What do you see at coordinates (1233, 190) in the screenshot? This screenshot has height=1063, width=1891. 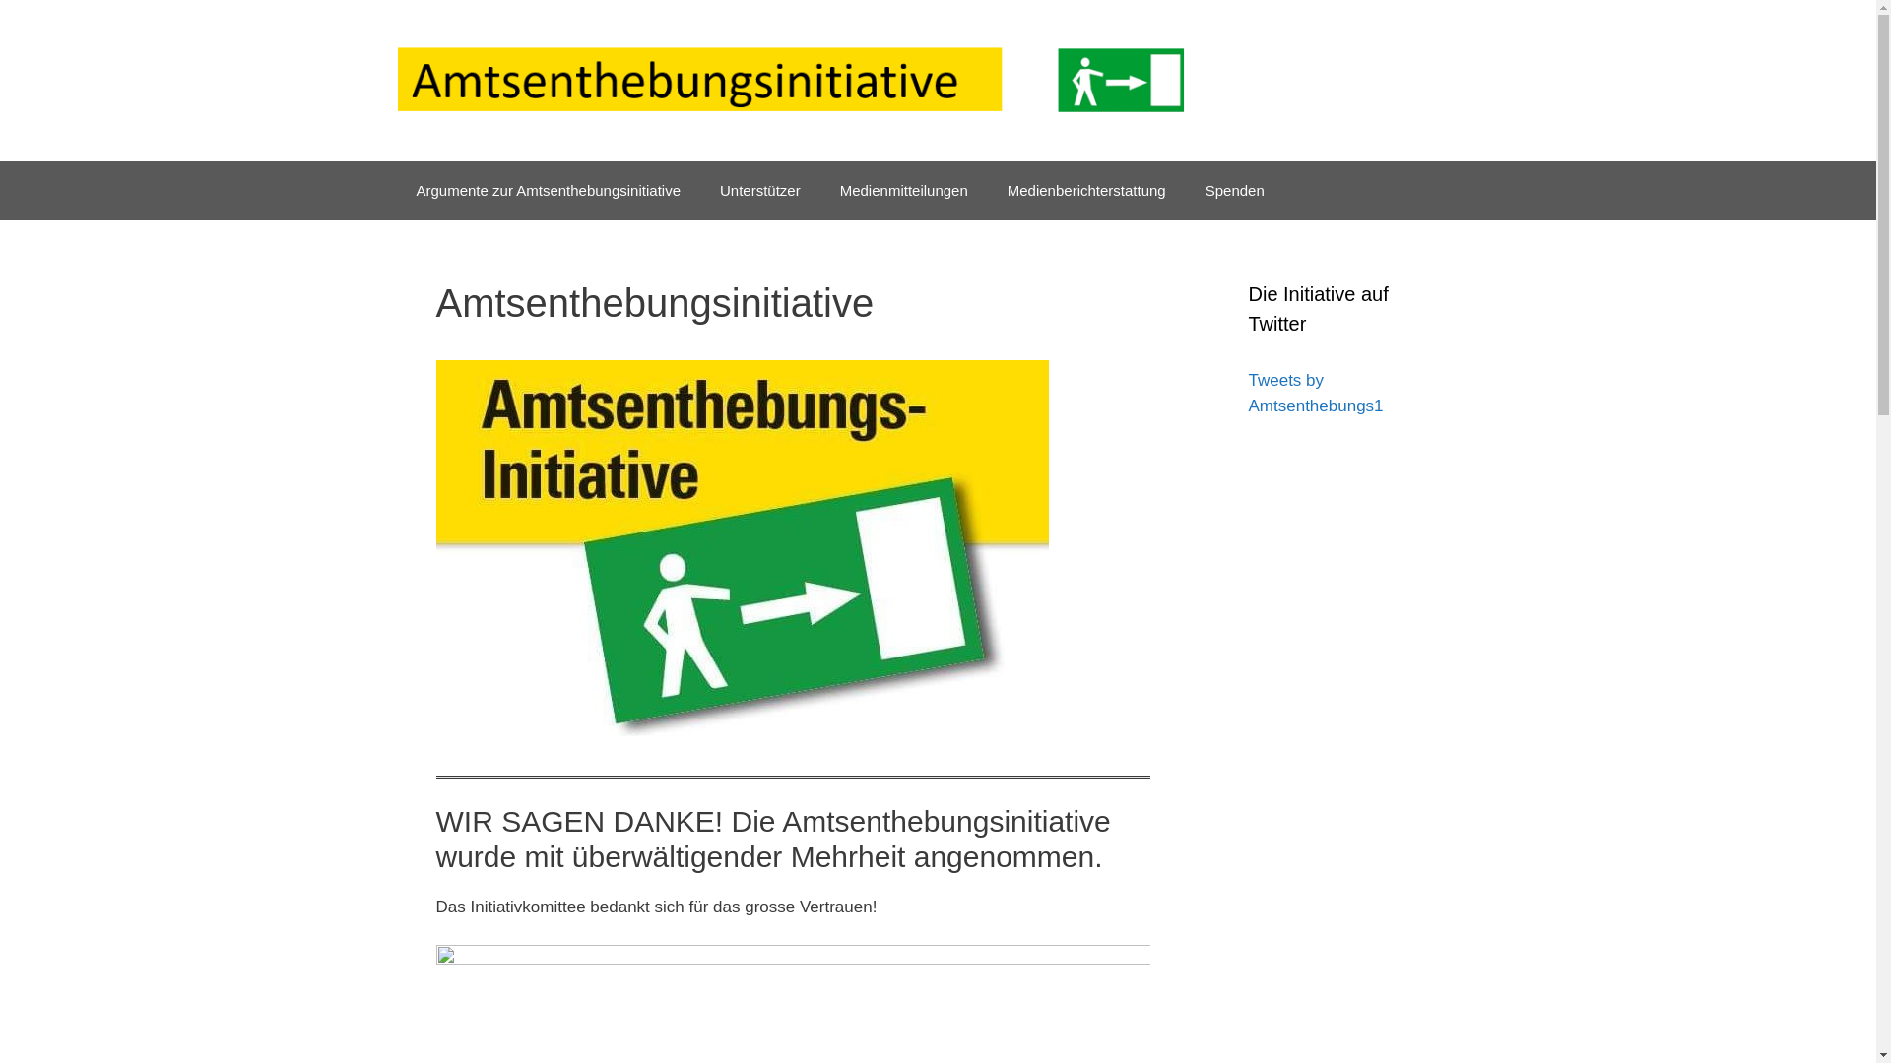 I see `'Spenden'` at bounding box center [1233, 190].